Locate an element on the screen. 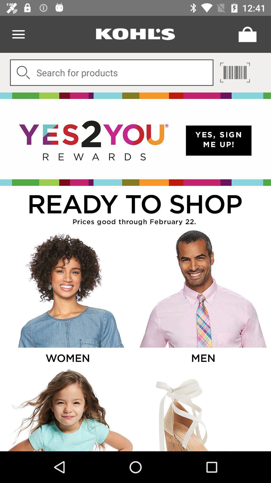 The width and height of the screenshot is (271, 483). sign up in kohl 's button is located at coordinates (135, 139).